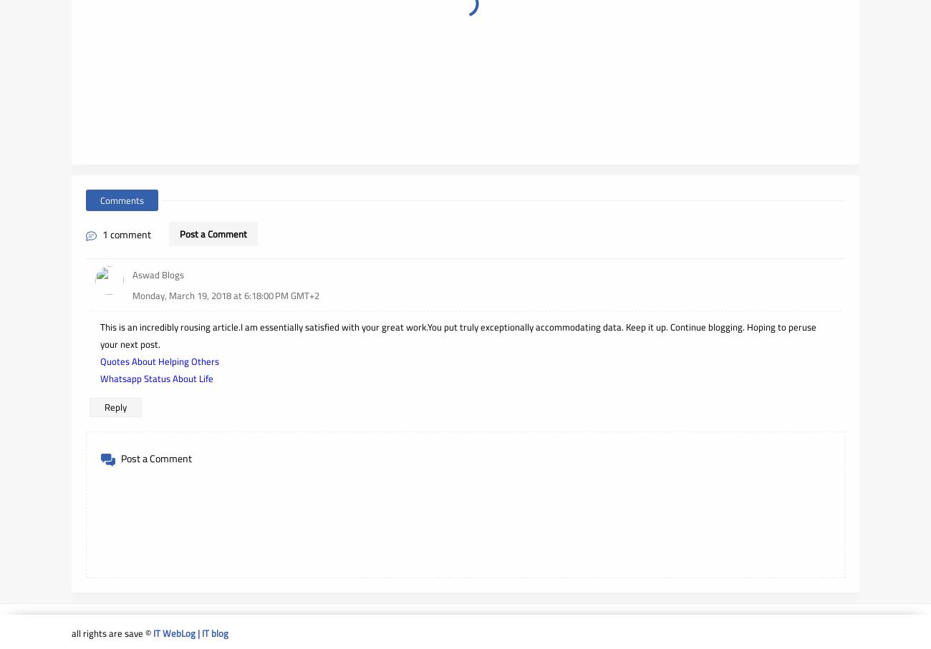 The width and height of the screenshot is (931, 649). Describe the element at coordinates (156, 377) in the screenshot. I see `'Whatsapp Status About Life'` at that location.